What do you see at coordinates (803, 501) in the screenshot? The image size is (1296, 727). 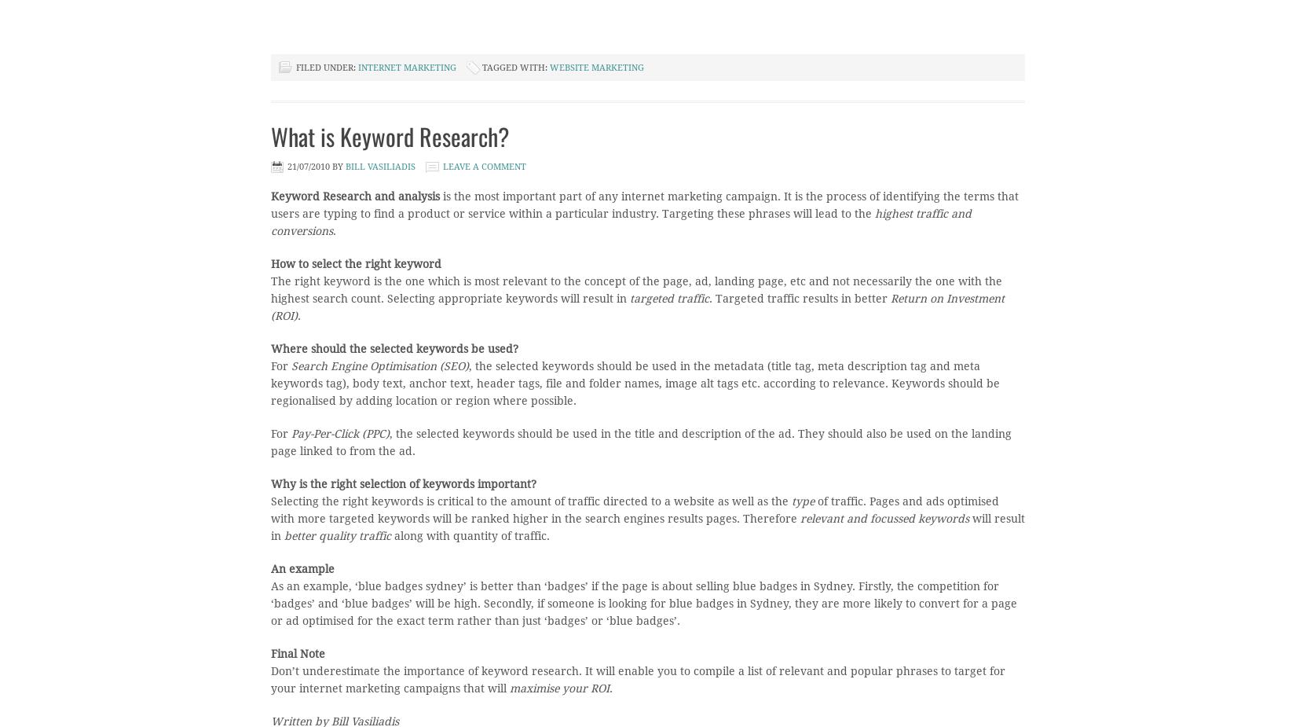 I see `'type'` at bounding box center [803, 501].